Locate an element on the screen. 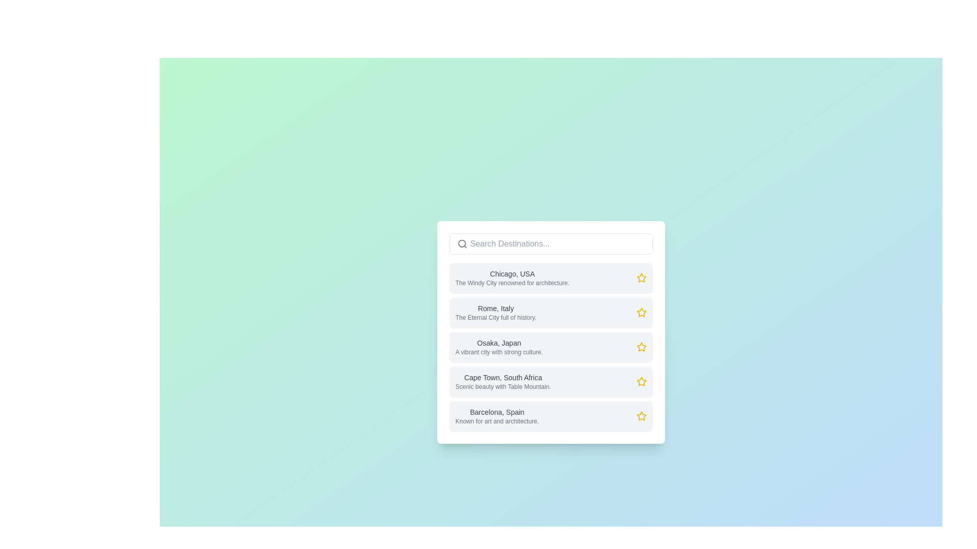 This screenshot has width=977, height=549. the third star-shaped icon is located at coordinates (640, 346).